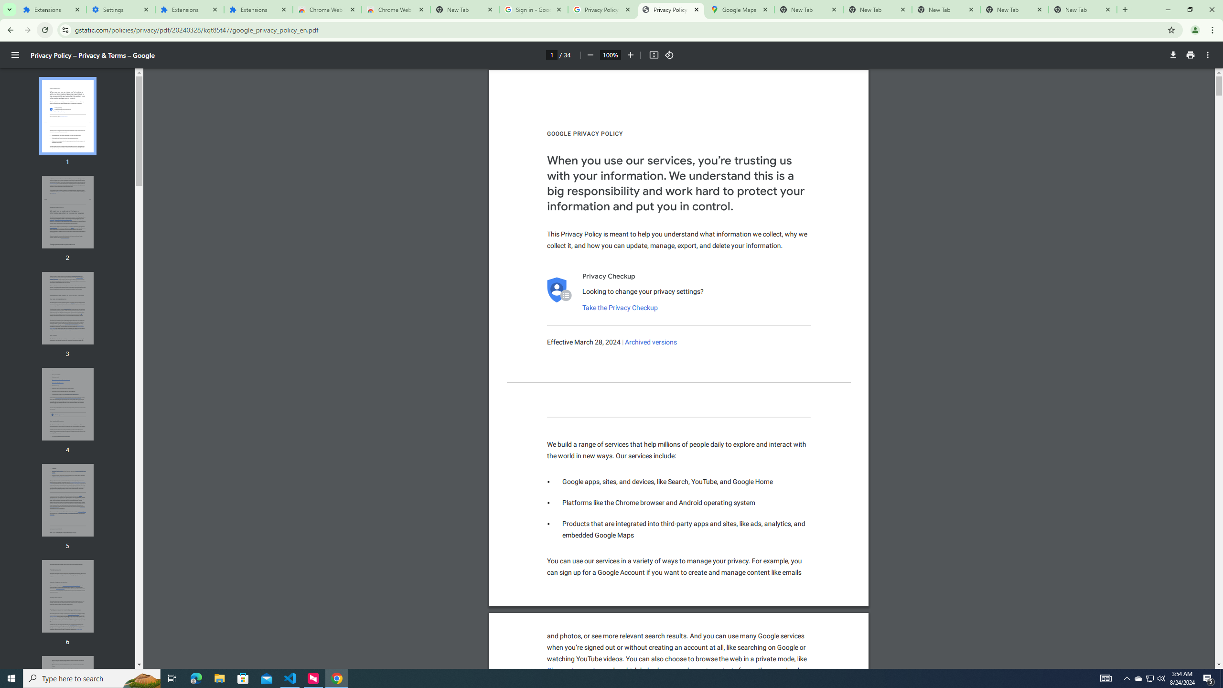 Image resolution: width=1223 pixels, height=688 pixels. I want to click on 'Page number', so click(551, 54).